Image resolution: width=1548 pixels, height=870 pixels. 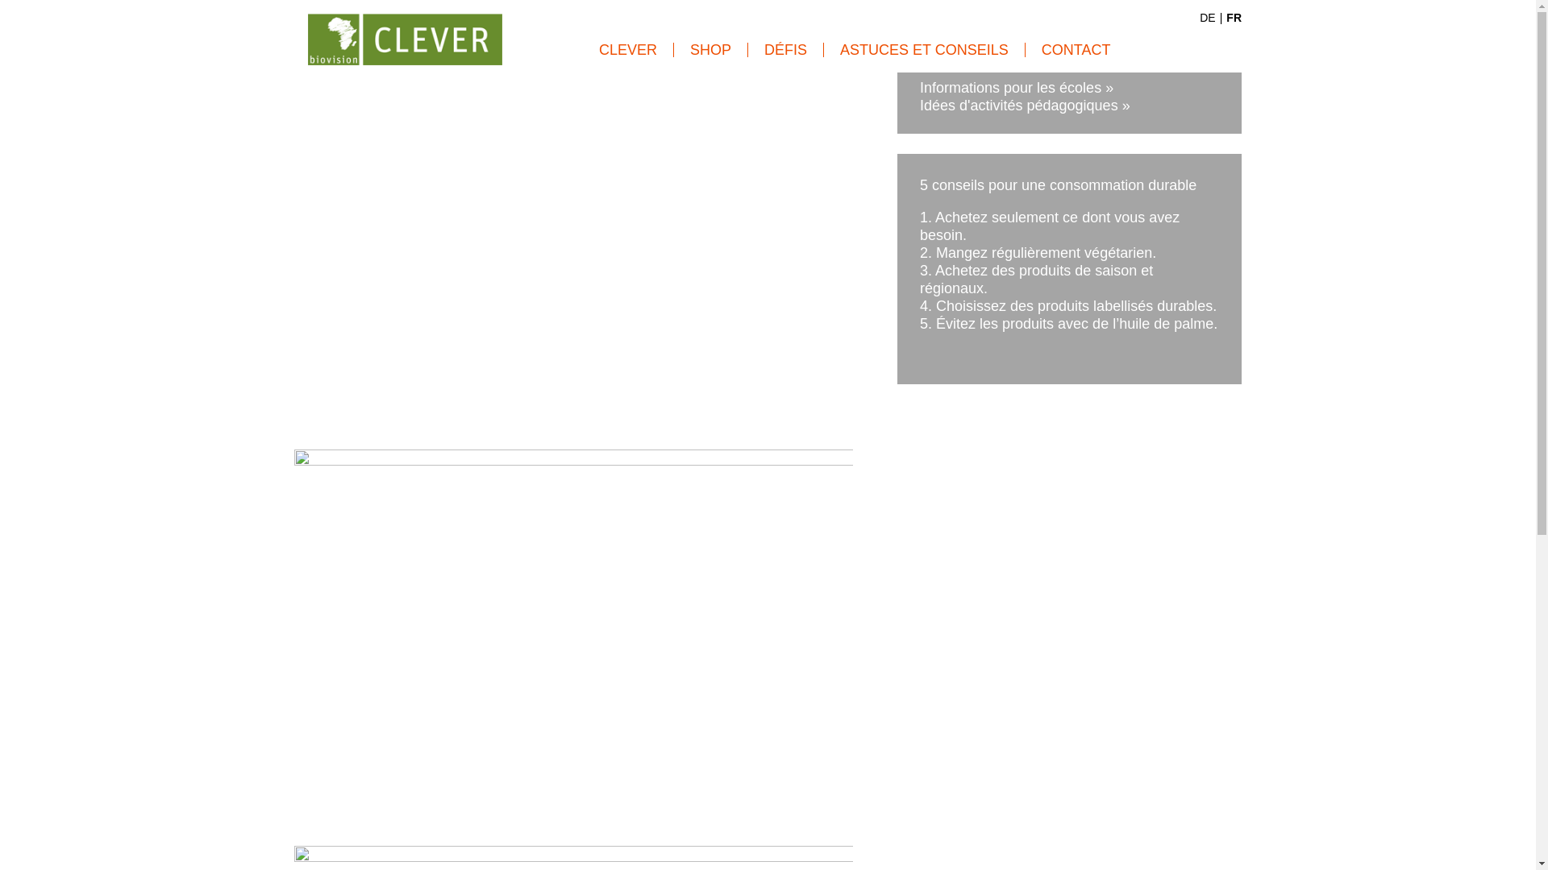 I want to click on 'ASTUCES ET CONSEILS', so click(x=925, y=48).